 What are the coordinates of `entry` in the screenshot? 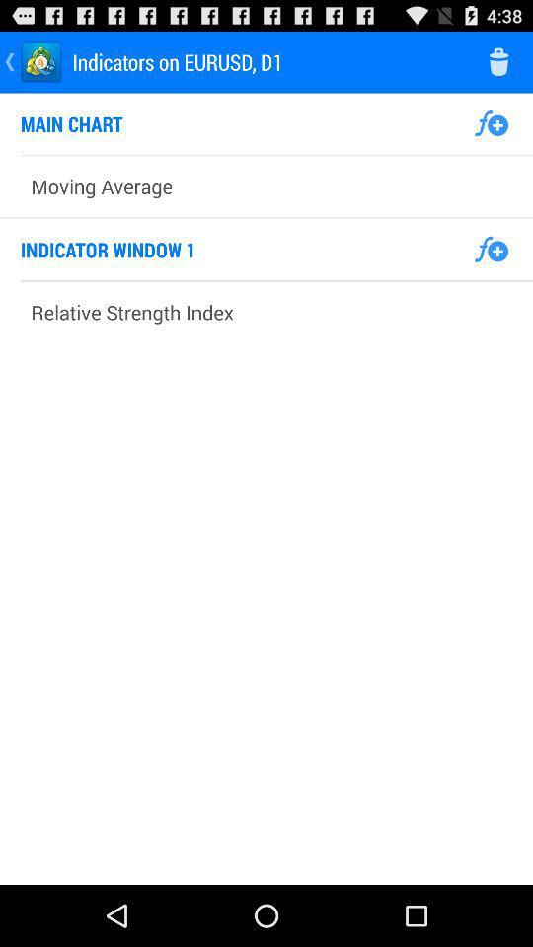 It's located at (490, 122).